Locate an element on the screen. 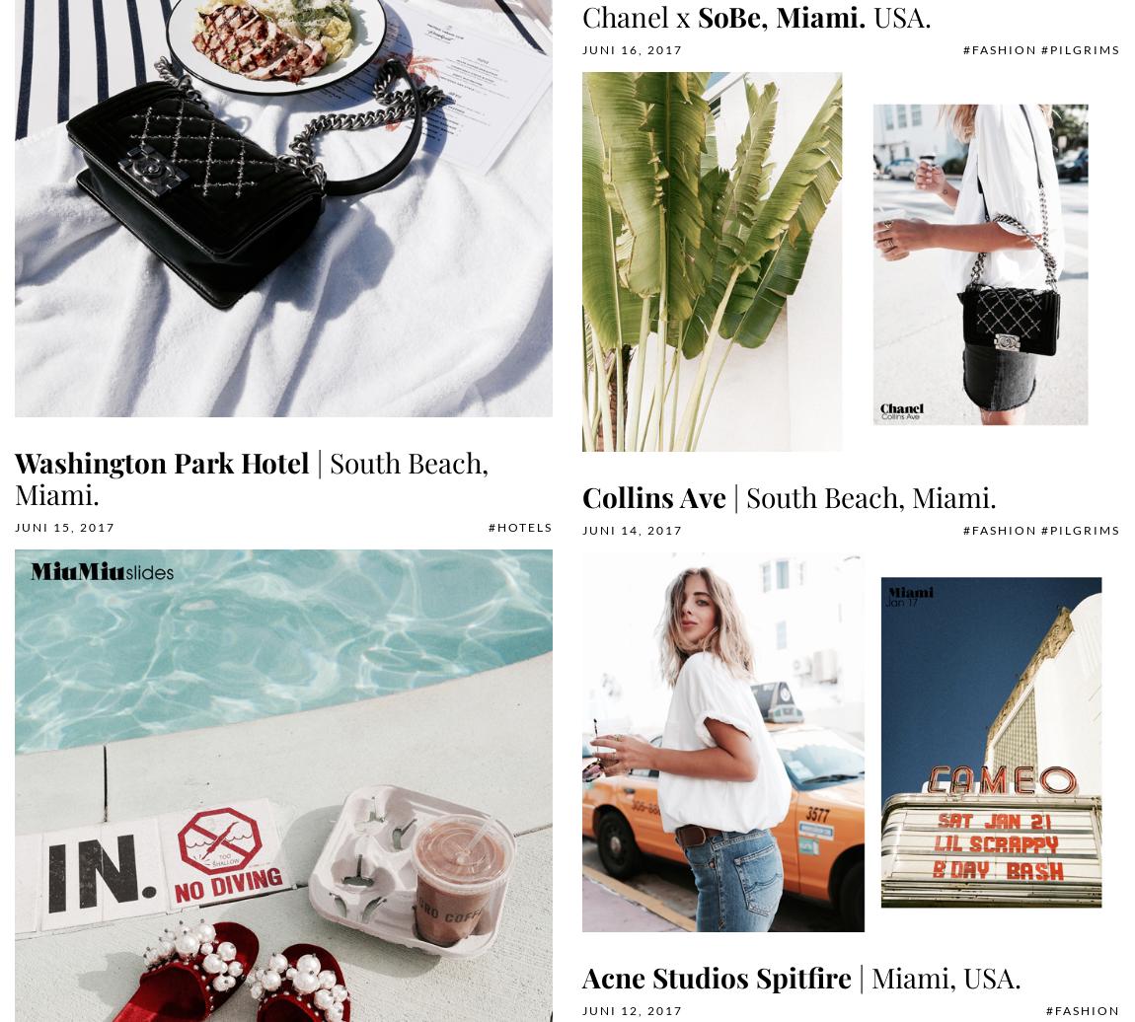 The width and height of the screenshot is (1135, 1022). 'Juni 12, 2017' is located at coordinates (632, 1010).